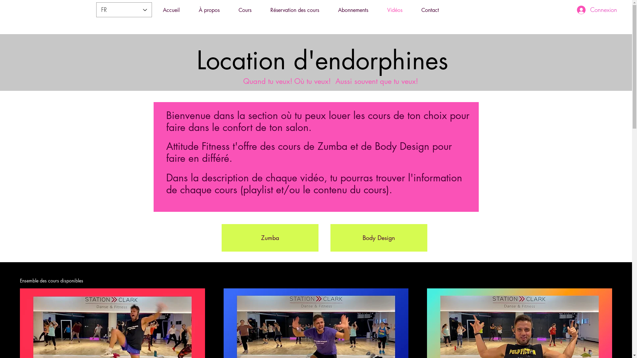 This screenshot has width=637, height=358. Describe the element at coordinates (171, 10) in the screenshot. I see `'Accueil'` at that location.